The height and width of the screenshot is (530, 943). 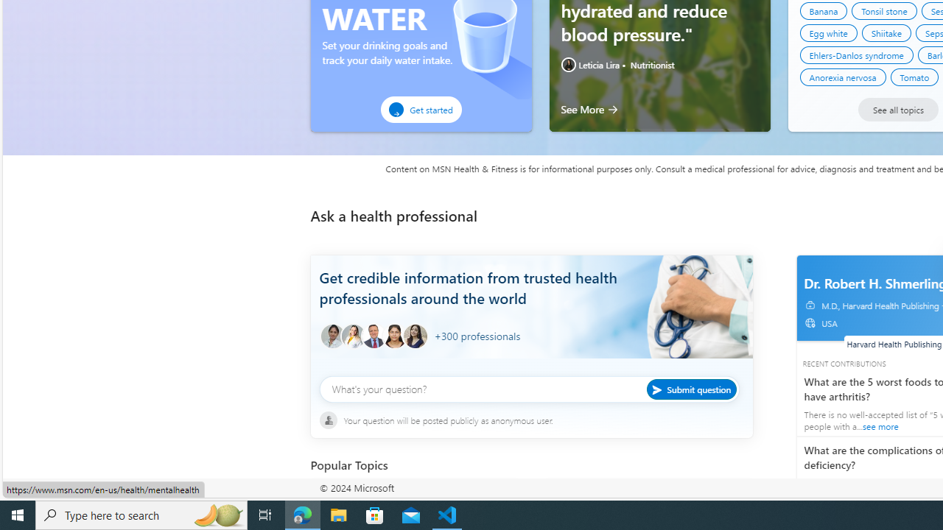 What do you see at coordinates (843, 77) in the screenshot?
I see `'Anorexia nervosa'` at bounding box center [843, 77].